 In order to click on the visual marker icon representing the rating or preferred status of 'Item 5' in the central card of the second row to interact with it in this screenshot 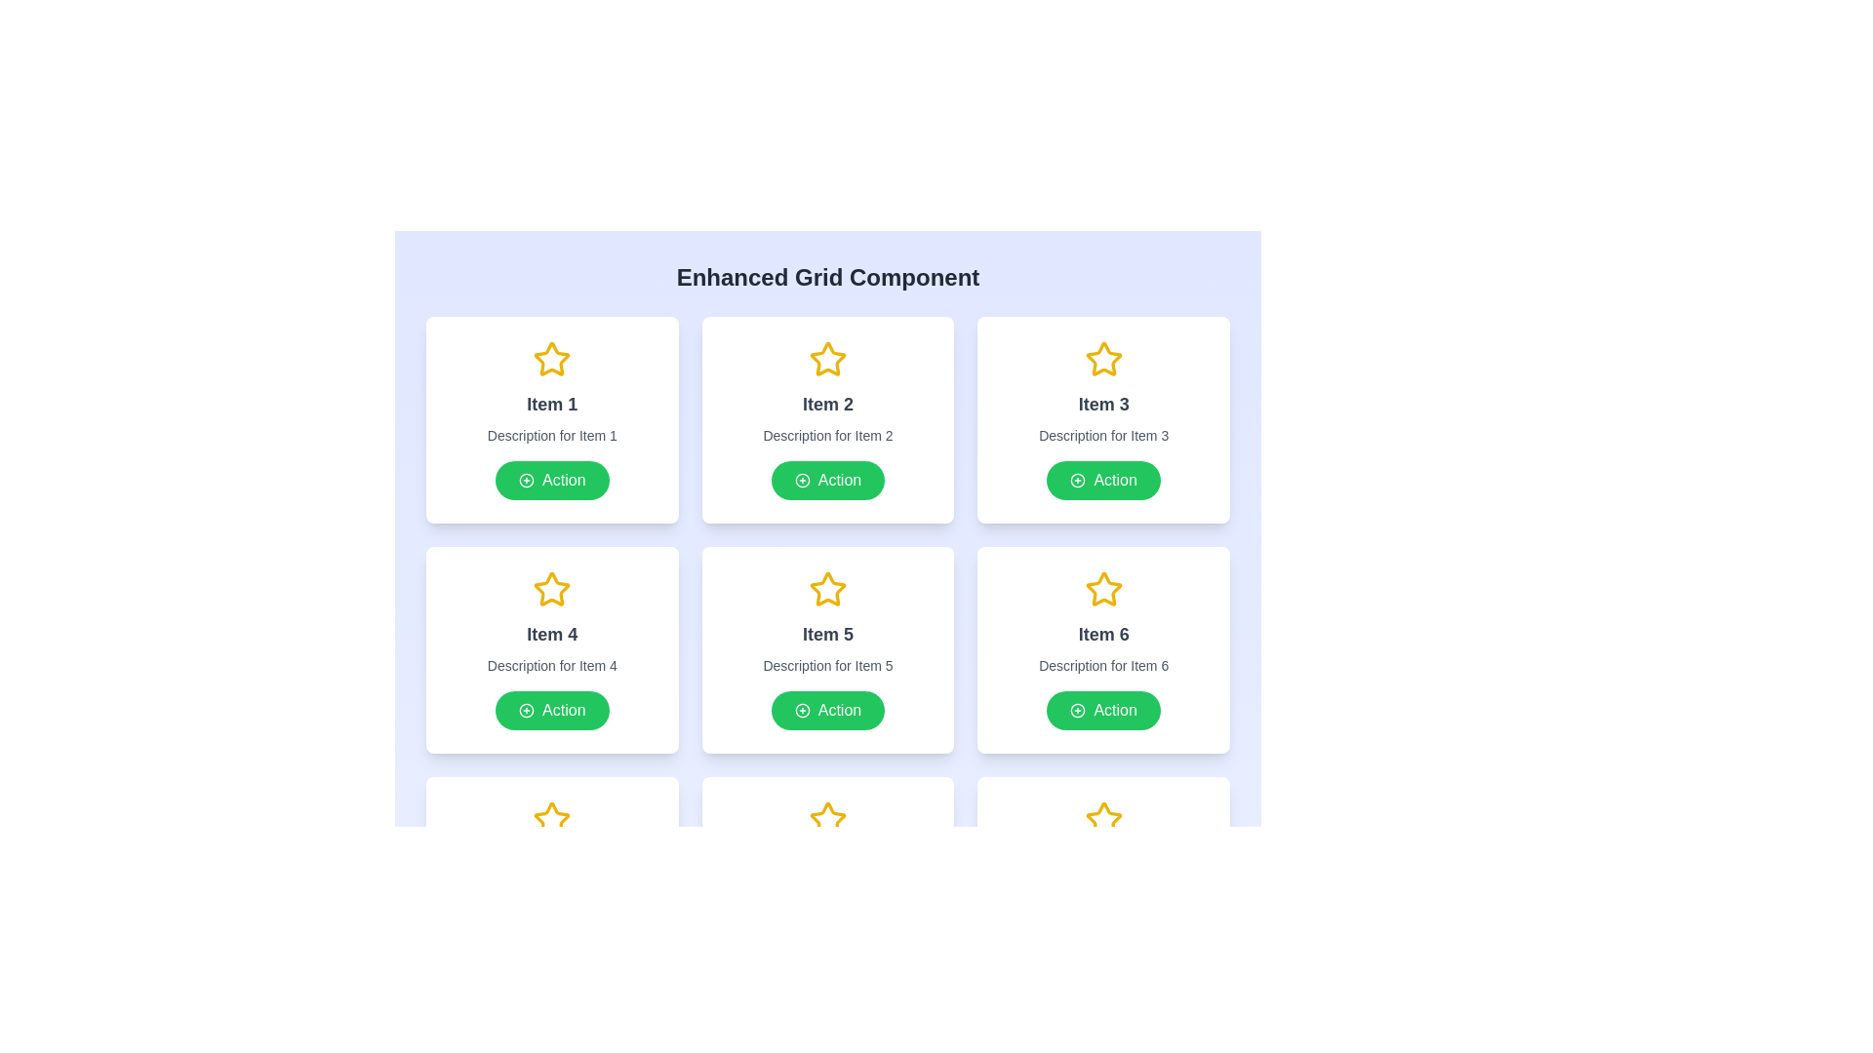, I will do `click(828, 588)`.